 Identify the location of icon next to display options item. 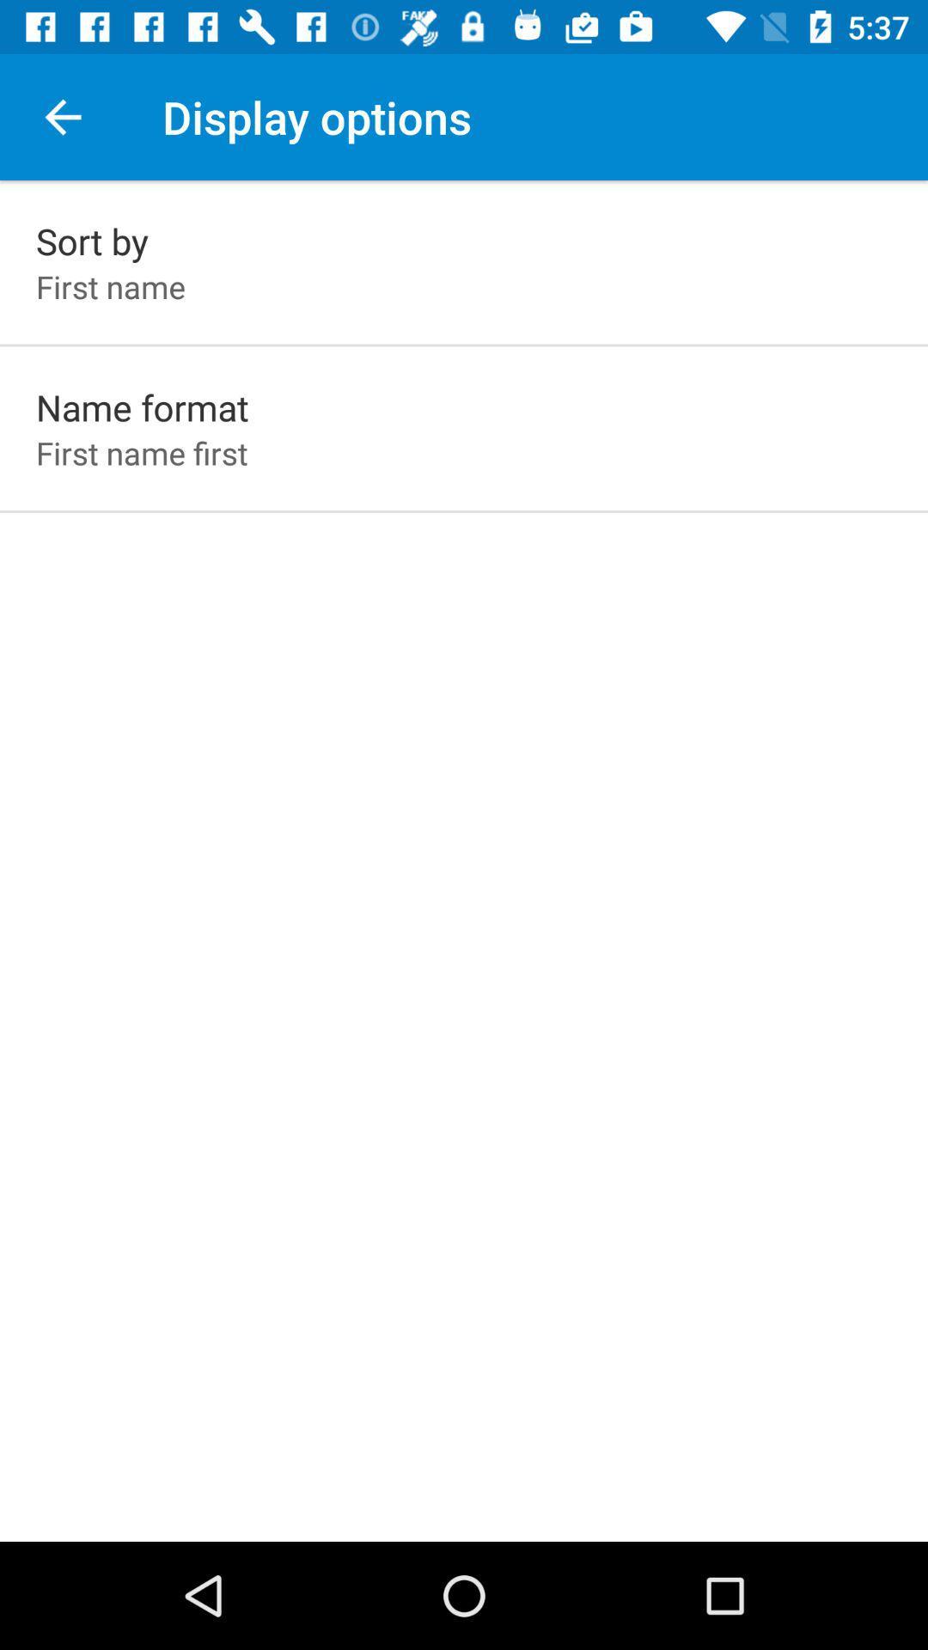
(62, 116).